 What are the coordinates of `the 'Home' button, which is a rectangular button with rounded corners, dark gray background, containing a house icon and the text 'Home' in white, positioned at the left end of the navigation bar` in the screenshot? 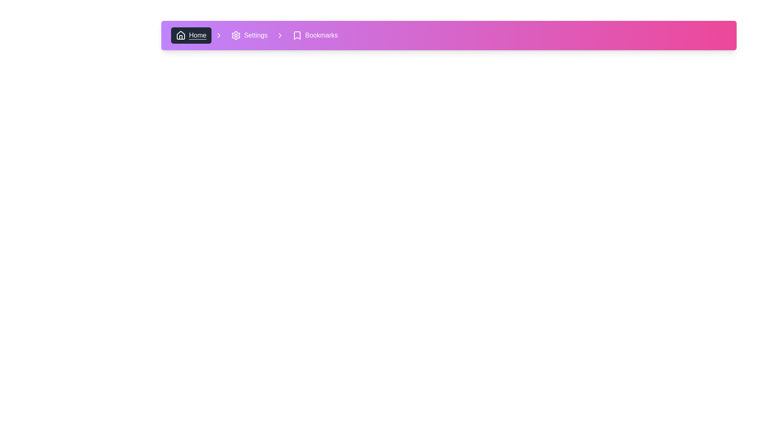 It's located at (191, 35).